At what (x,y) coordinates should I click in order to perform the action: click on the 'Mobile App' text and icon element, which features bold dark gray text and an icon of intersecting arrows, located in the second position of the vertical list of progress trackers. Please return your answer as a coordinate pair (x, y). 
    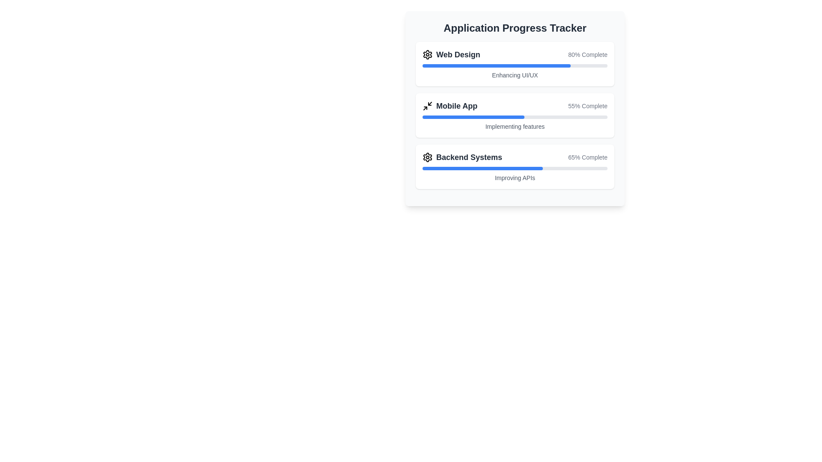
    Looking at the image, I should click on (450, 105).